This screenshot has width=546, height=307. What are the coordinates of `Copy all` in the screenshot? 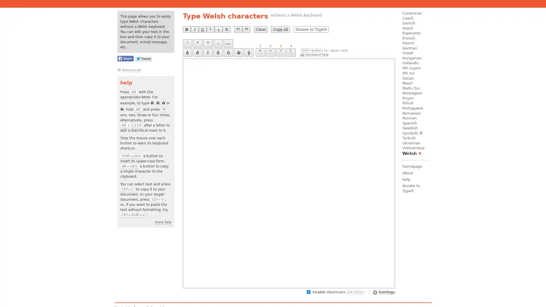 It's located at (280, 29).